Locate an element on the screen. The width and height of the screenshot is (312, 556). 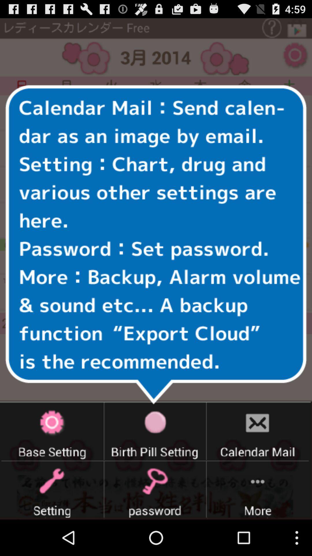
the help icon is located at coordinates (276, 29).